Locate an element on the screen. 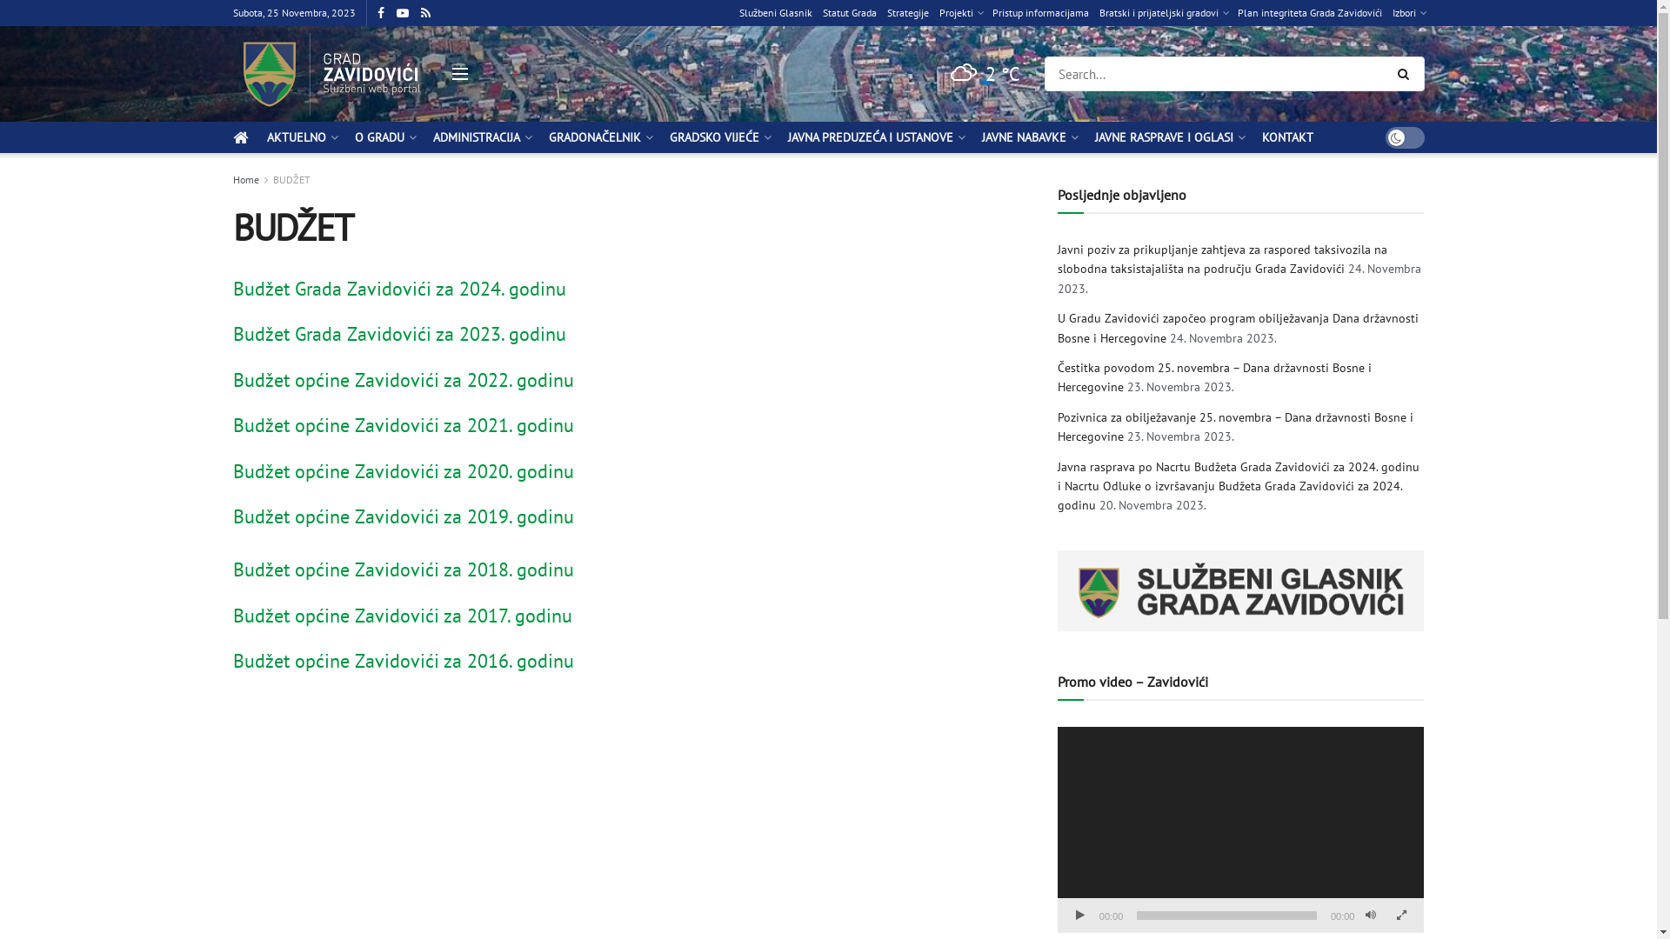  'O GRADU' is located at coordinates (383, 137).